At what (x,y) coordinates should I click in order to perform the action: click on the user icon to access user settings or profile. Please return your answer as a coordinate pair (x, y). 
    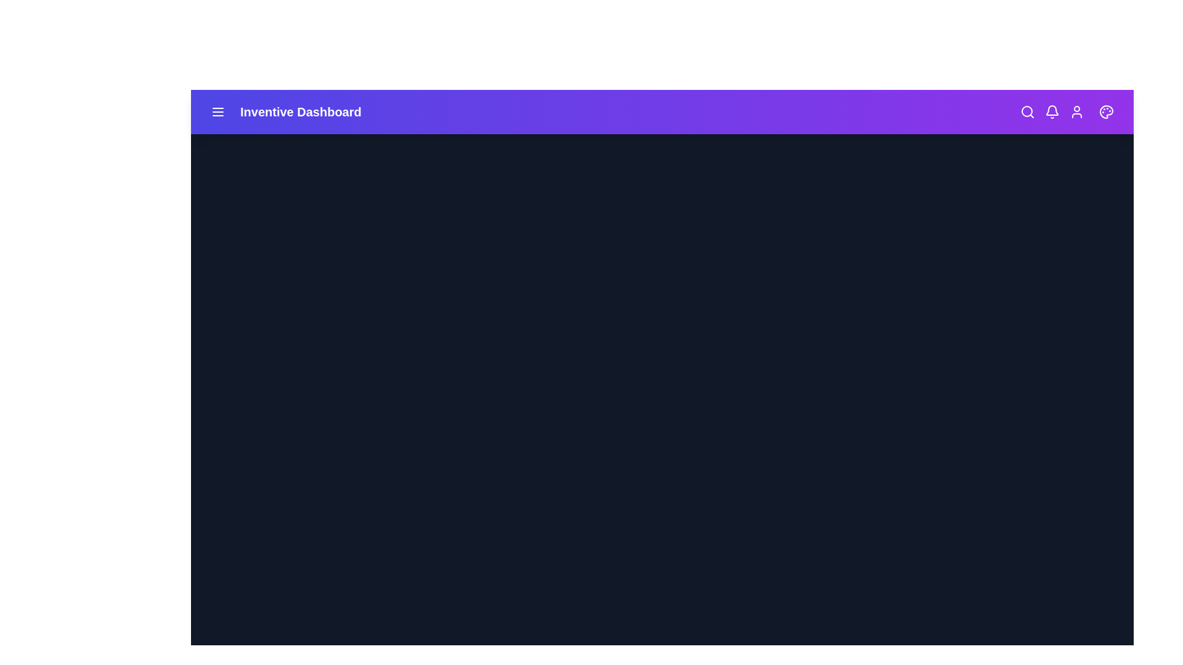
    Looking at the image, I should click on (1076, 111).